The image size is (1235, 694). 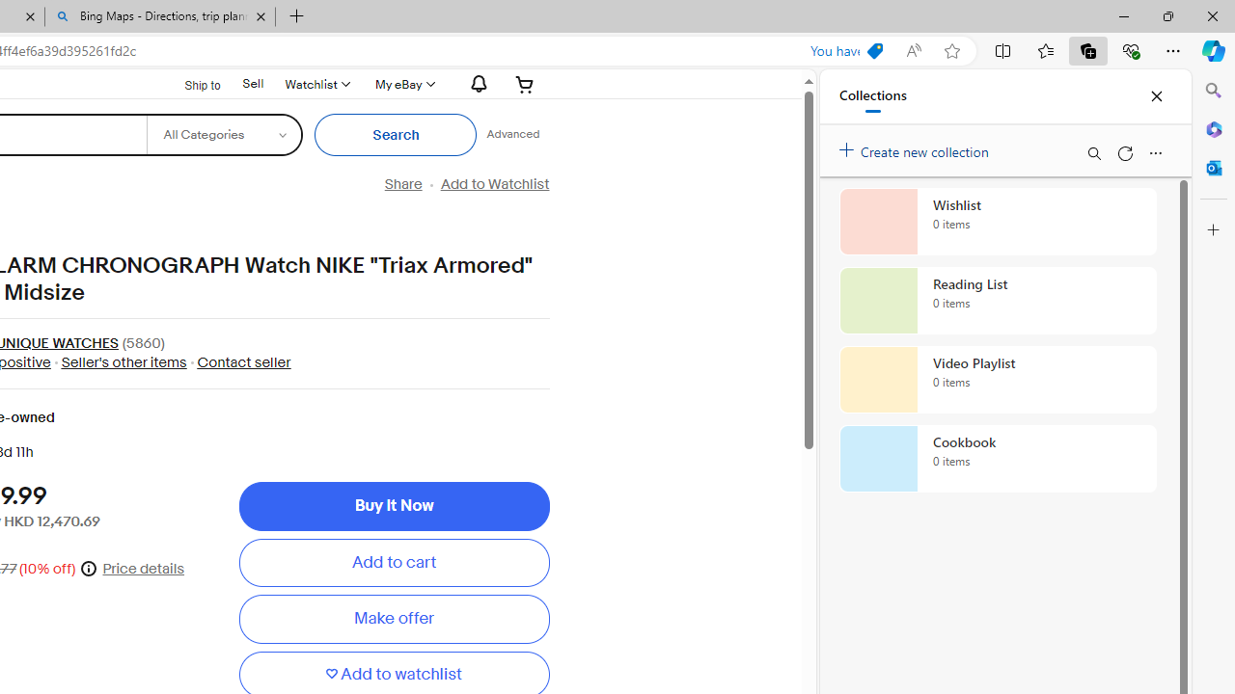 What do you see at coordinates (525, 83) in the screenshot?
I see `'Expand Cart'` at bounding box center [525, 83].